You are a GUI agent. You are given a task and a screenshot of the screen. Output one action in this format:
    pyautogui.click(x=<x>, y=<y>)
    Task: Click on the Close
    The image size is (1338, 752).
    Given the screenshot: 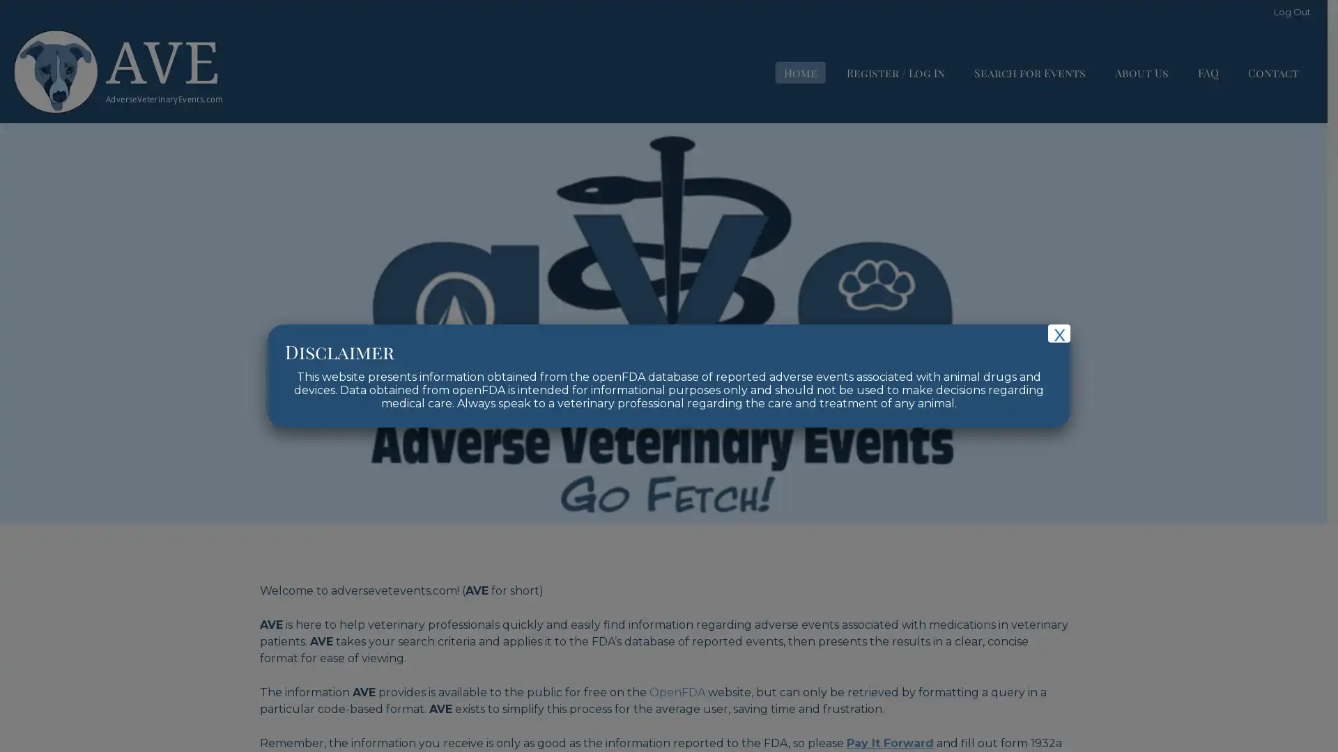 What is the action you would take?
    pyautogui.click(x=1059, y=333)
    